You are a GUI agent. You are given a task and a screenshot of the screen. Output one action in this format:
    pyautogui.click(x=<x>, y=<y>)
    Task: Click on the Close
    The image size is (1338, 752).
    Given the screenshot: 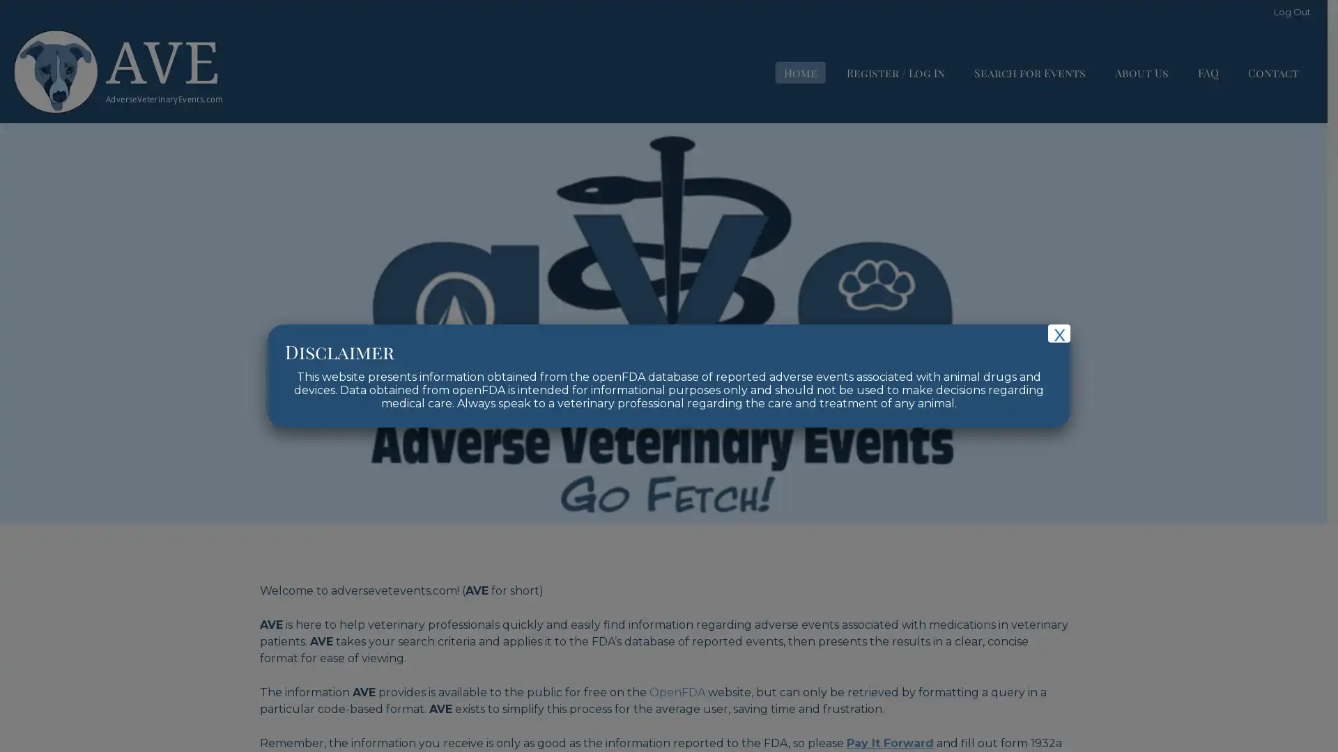 What is the action you would take?
    pyautogui.click(x=1059, y=333)
    